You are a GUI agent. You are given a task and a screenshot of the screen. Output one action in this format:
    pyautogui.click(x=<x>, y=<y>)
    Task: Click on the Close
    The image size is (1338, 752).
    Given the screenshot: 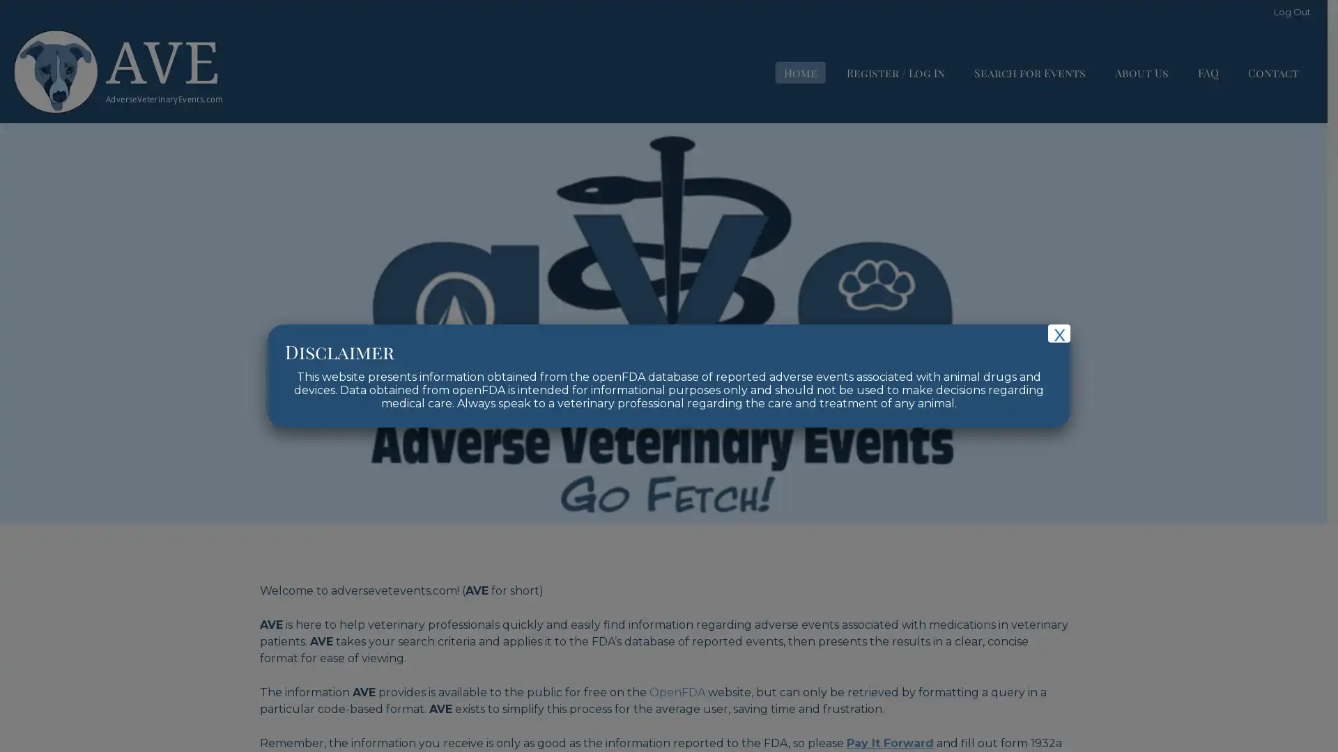 What is the action you would take?
    pyautogui.click(x=1059, y=333)
    